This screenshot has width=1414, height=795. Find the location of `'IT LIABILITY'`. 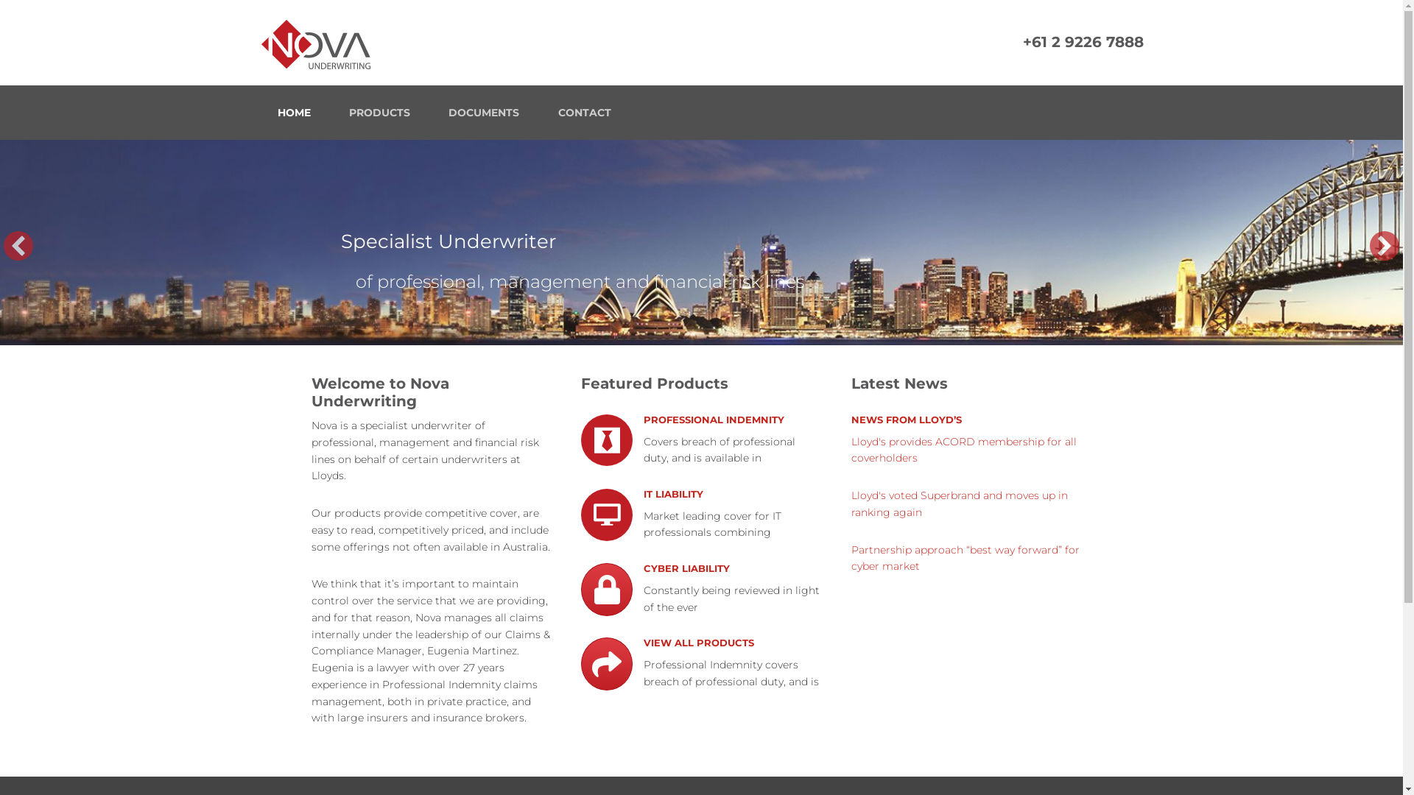

'IT LIABILITY' is located at coordinates (672, 498).